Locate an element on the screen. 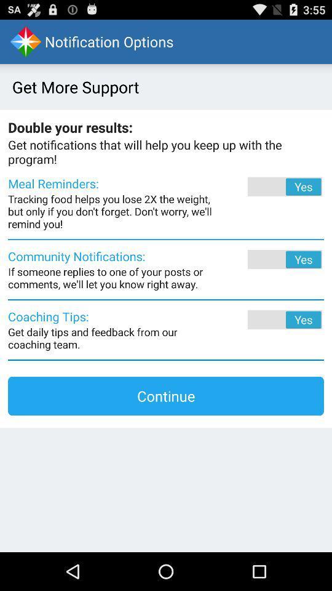  reminders is located at coordinates (267, 187).